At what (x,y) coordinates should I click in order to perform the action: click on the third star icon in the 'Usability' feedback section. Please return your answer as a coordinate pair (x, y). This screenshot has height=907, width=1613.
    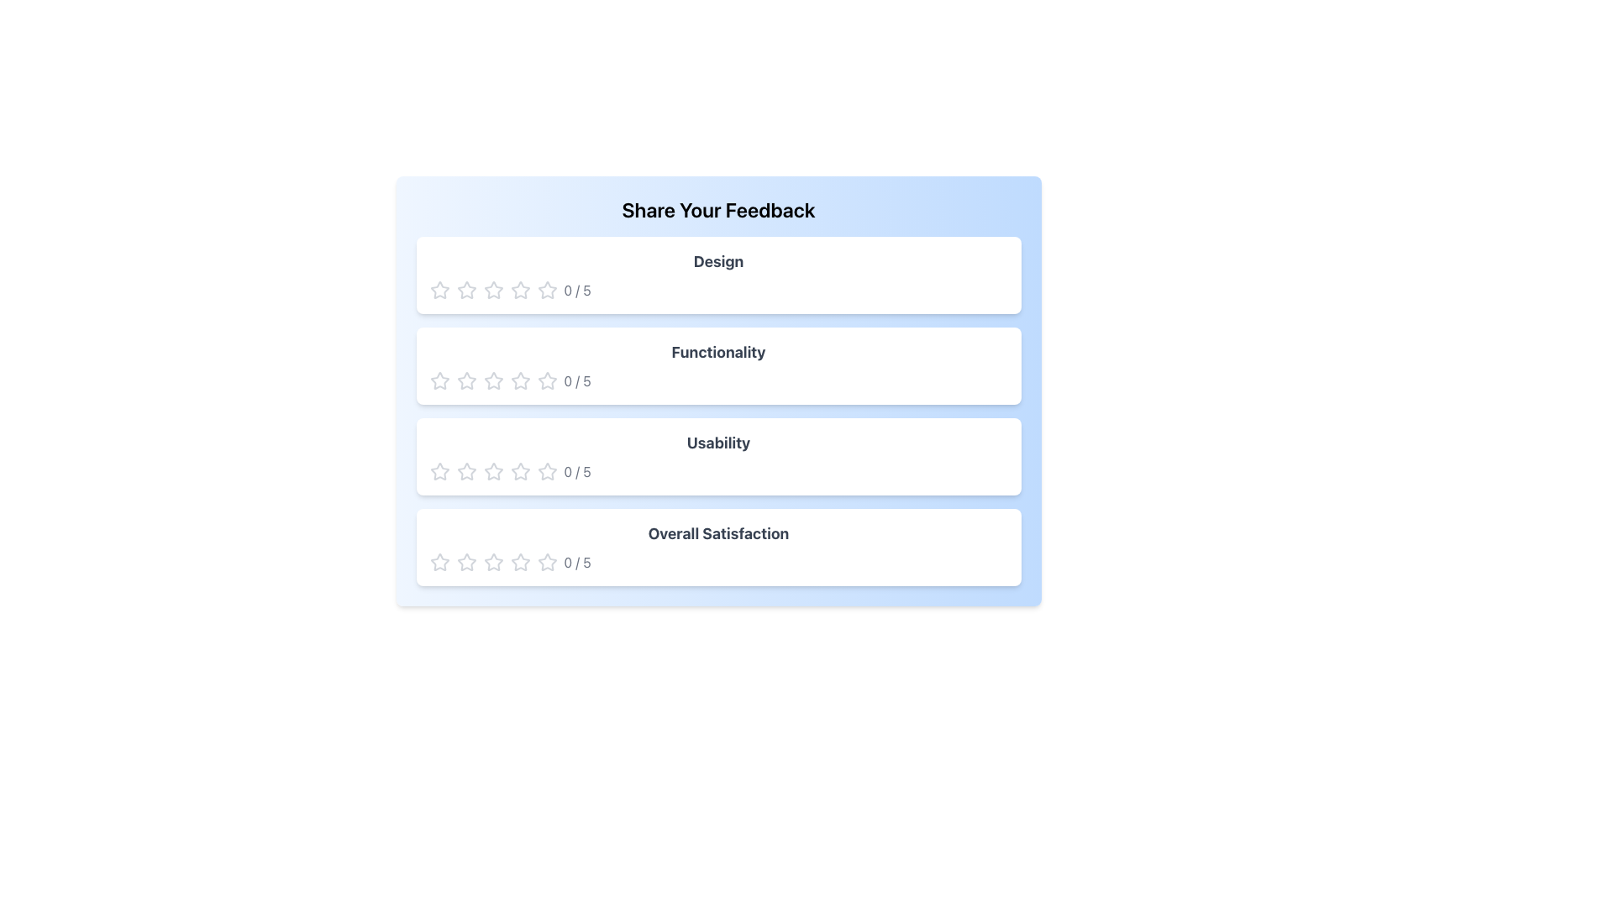
    Looking at the image, I should click on (492, 472).